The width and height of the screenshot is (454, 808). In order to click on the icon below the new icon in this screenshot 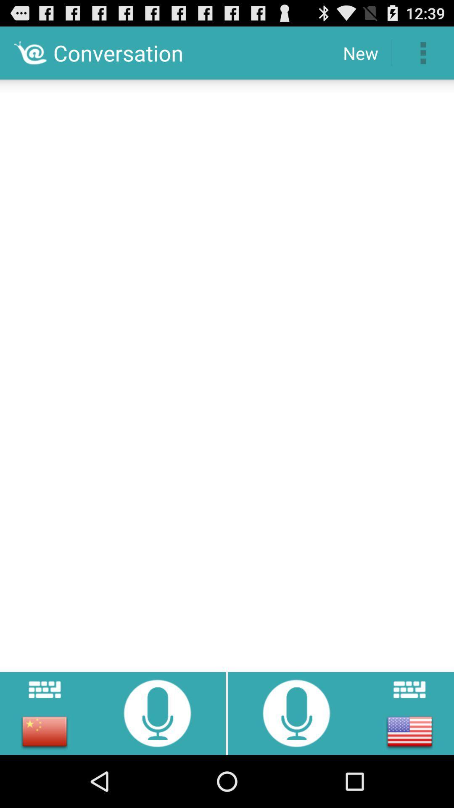, I will do `click(227, 372)`.